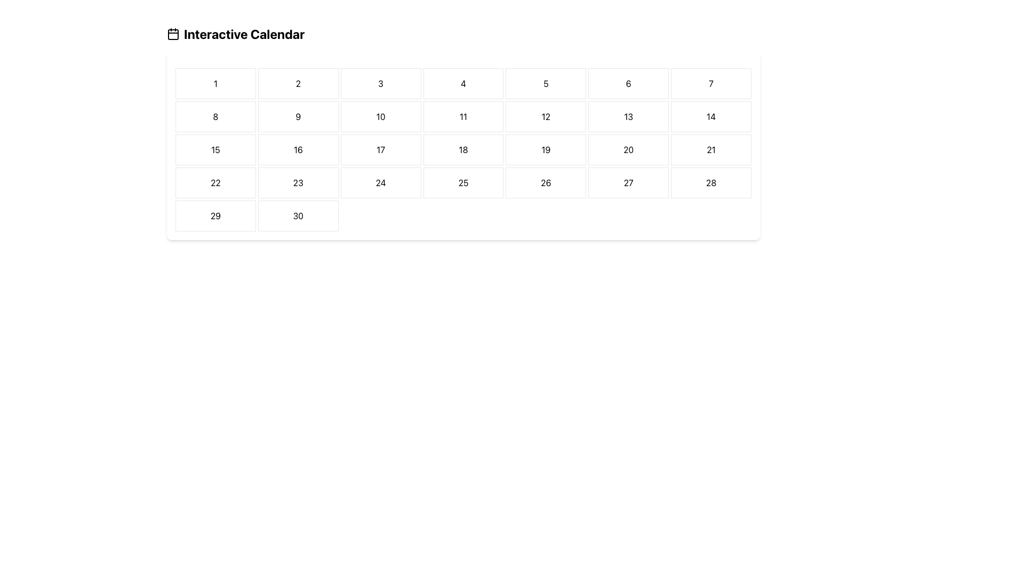 The height and width of the screenshot is (576, 1024). Describe the element at coordinates (546, 150) in the screenshot. I see `the Static Box with Text representing a date in the interactive calendar display located in the third row and fifth column of the grid` at that location.